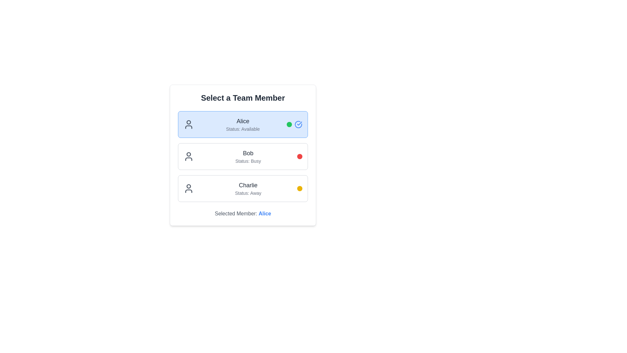 Image resolution: width=627 pixels, height=353 pixels. What do you see at coordinates (188, 127) in the screenshot?
I see `the semicircular line segment icon representing the lower half of the user icon for the selected team member 'Alice'` at bounding box center [188, 127].